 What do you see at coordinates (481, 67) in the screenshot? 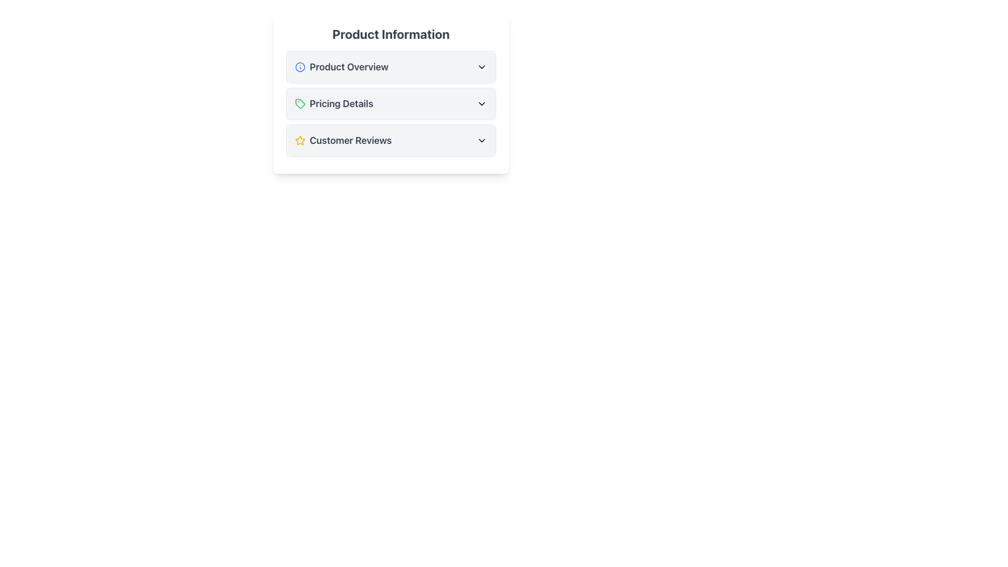
I see `the Chevron icon located to the far right of the 'Product Overview' section` at bounding box center [481, 67].